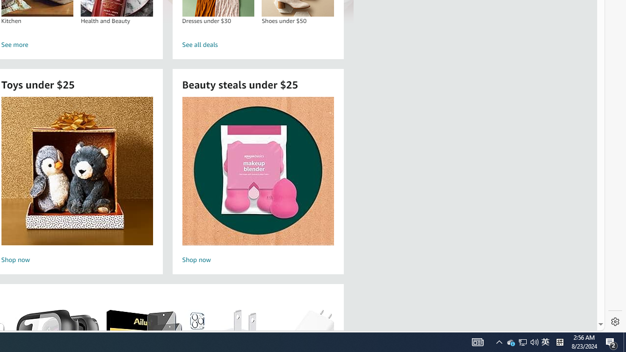  Describe the element at coordinates (258, 181) in the screenshot. I see `'Beauty steals under $25 Shop now'` at that location.